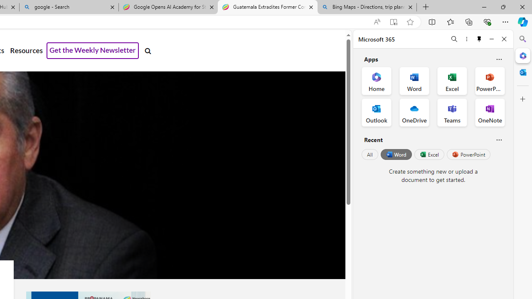 The width and height of the screenshot is (532, 299). What do you see at coordinates (167, 7) in the screenshot?
I see `'Google Opens AI Academy for Startups - Nearshore Americas'` at bounding box center [167, 7].